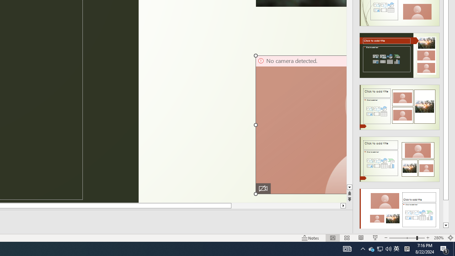 Image resolution: width=455 pixels, height=256 pixels. Describe the element at coordinates (438, 238) in the screenshot. I see `'Zoom 280%'` at that location.